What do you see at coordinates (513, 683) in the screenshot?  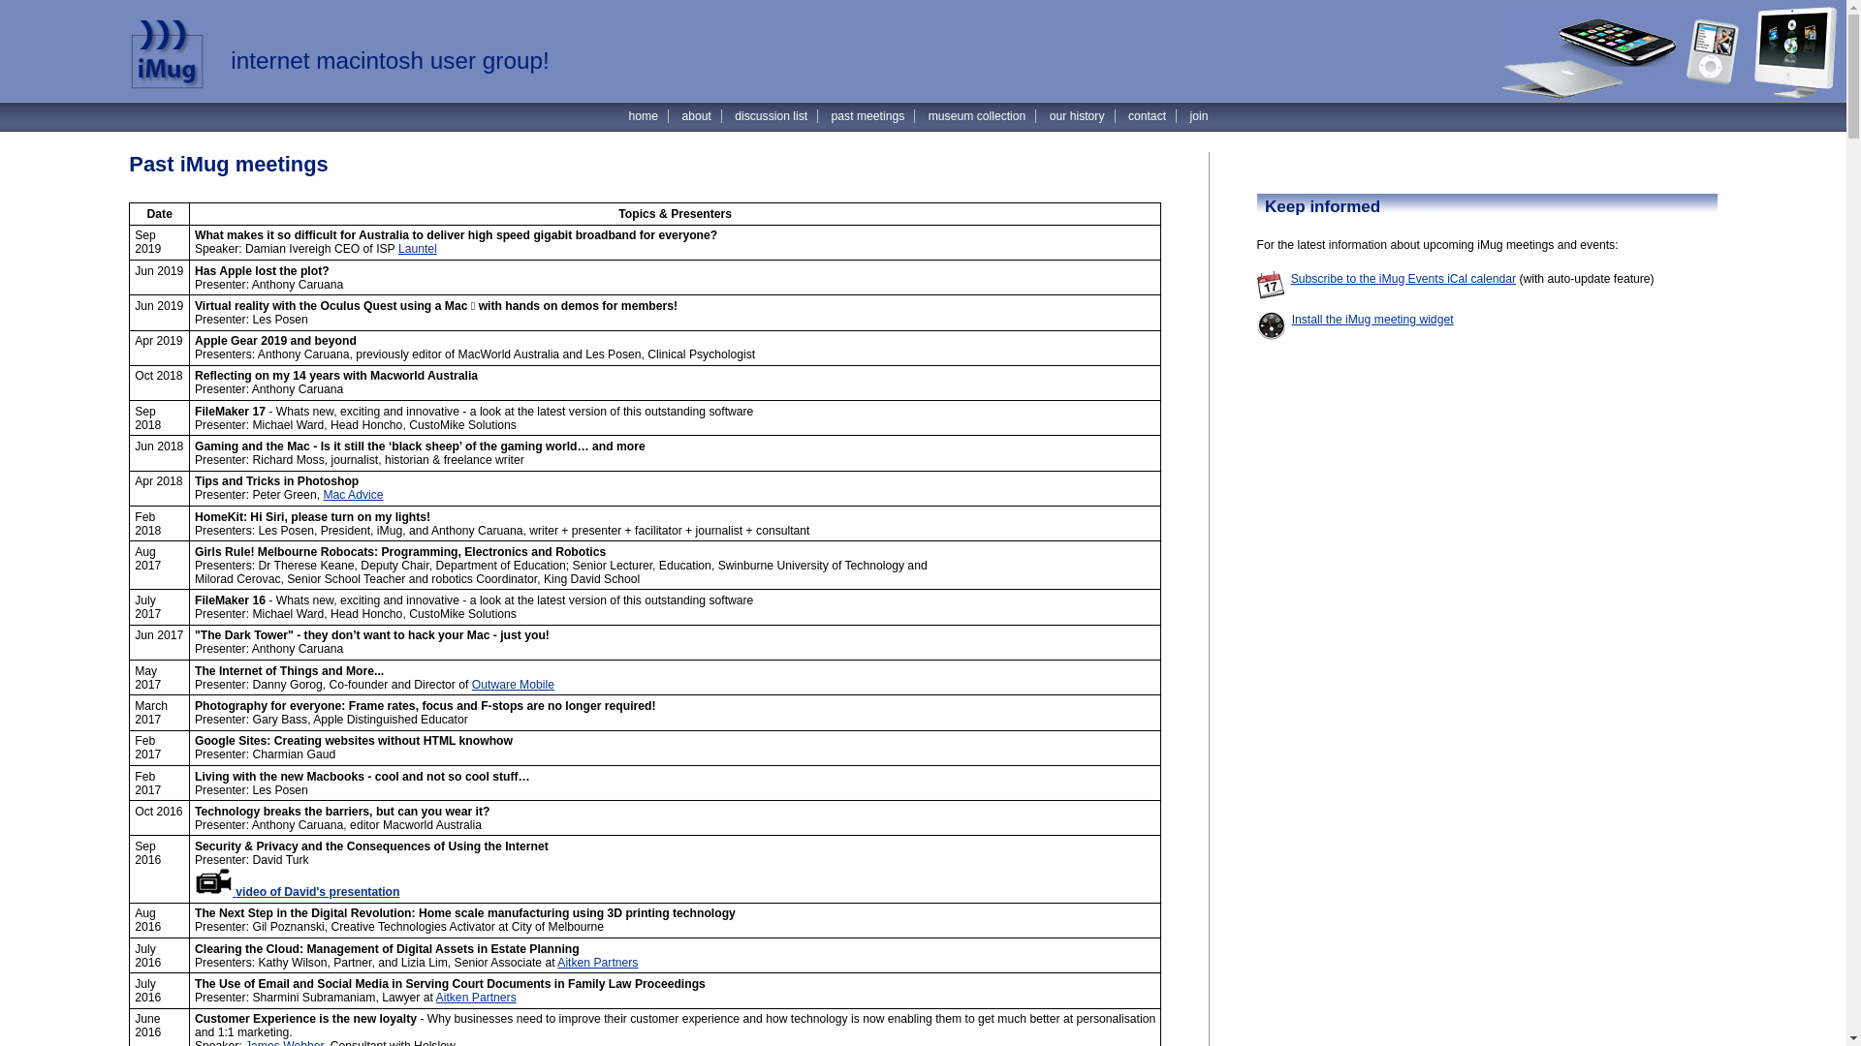 I see `'Outware Mobile'` at bounding box center [513, 683].